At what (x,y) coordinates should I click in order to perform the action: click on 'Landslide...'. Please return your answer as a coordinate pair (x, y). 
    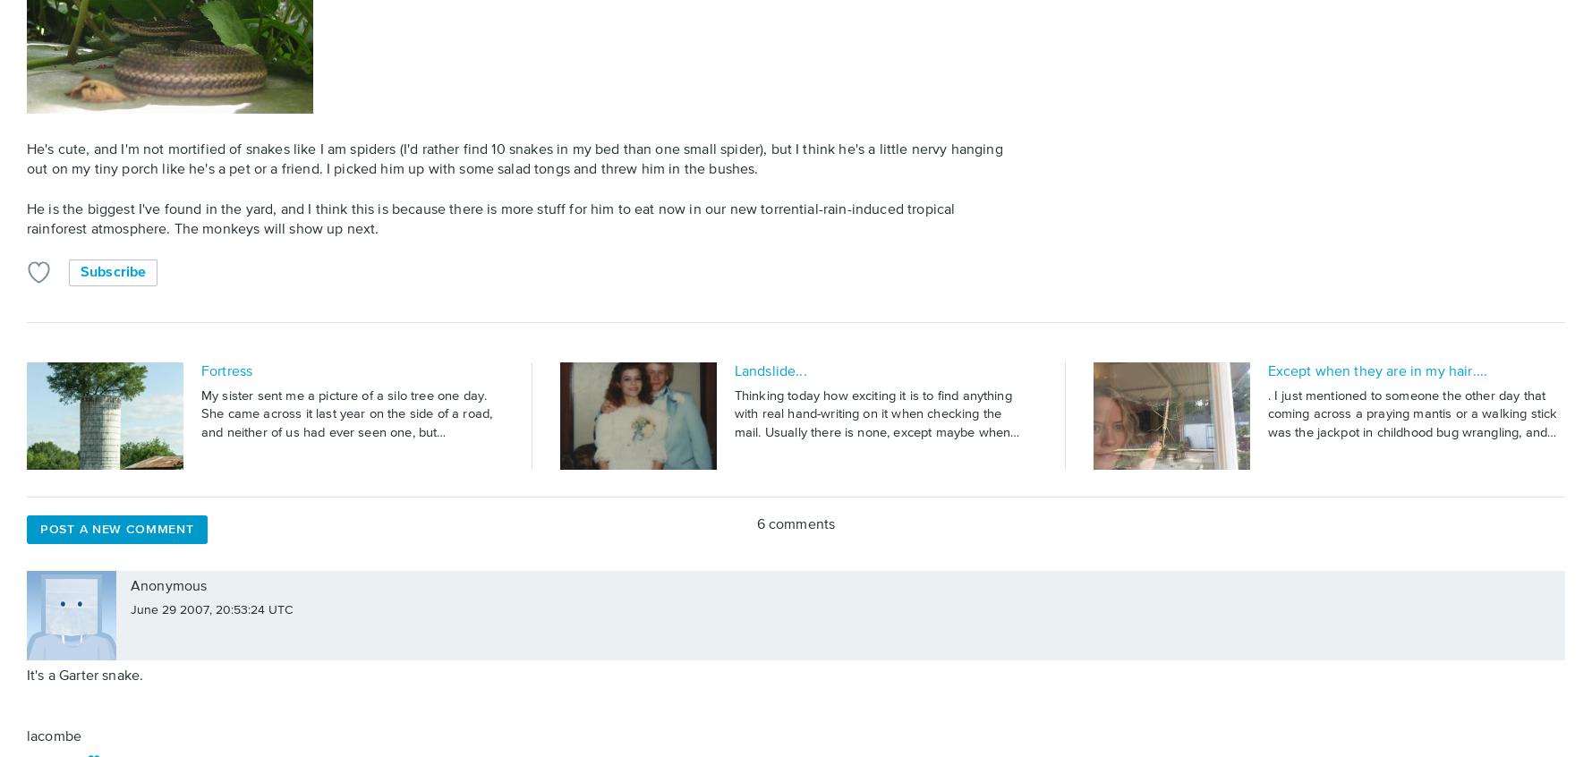
    Looking at the image, I should click on (770, 371).